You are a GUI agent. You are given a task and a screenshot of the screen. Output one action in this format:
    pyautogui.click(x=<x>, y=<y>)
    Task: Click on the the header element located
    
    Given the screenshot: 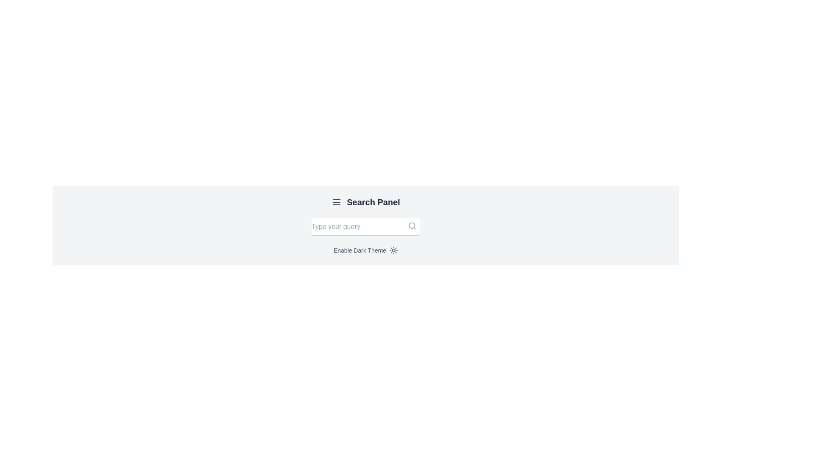 What is the action you would take?
    pyautogui.click(x=373, y=202)
    